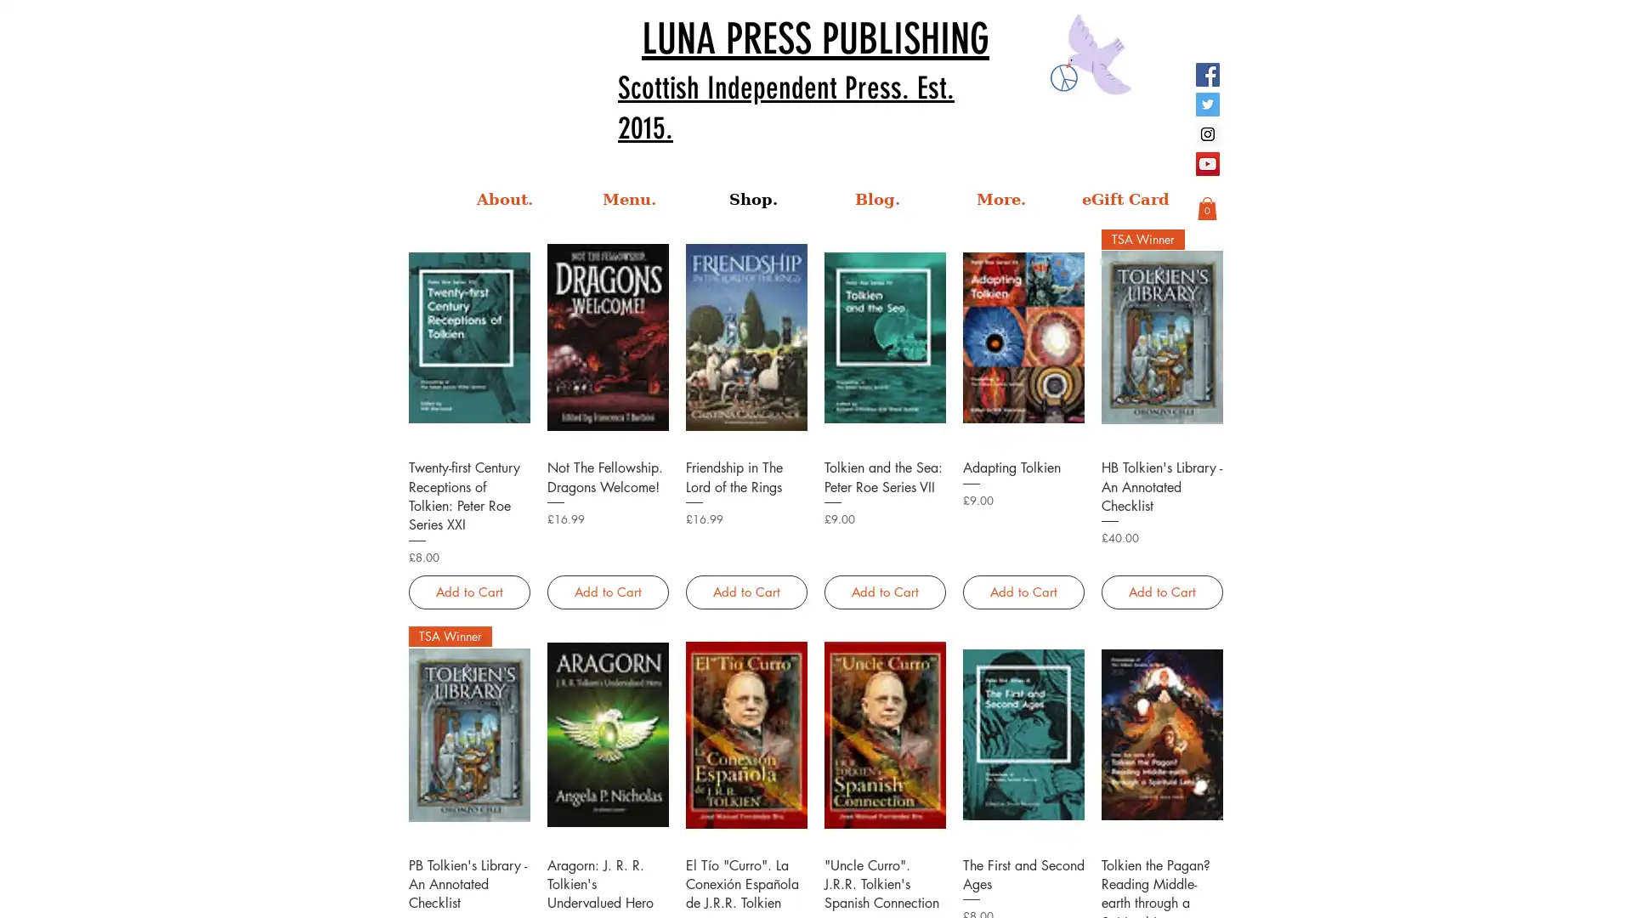  What do you see at coordinates (1022, 466) in the screenshot?
I see `Quick View` at bounding box center [1022, 466].